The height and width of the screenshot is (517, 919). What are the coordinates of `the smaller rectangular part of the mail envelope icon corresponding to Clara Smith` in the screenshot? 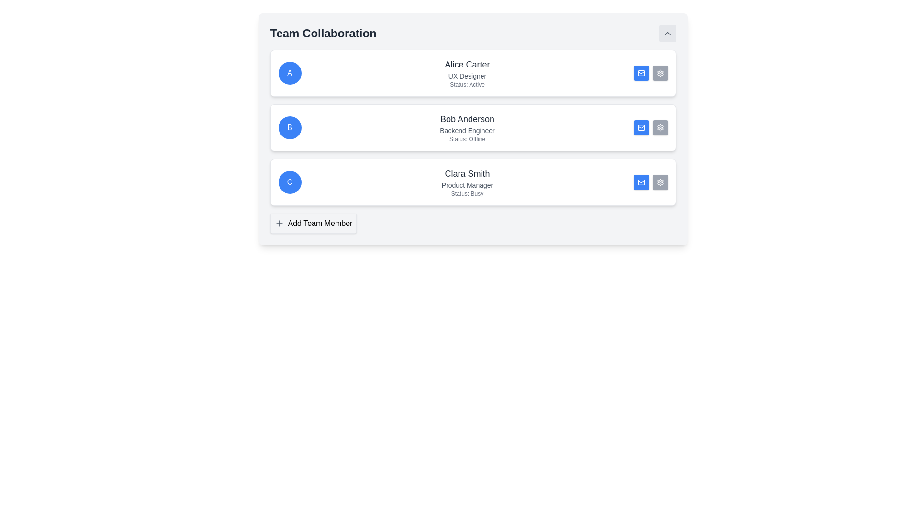 It's located at (641, 182).